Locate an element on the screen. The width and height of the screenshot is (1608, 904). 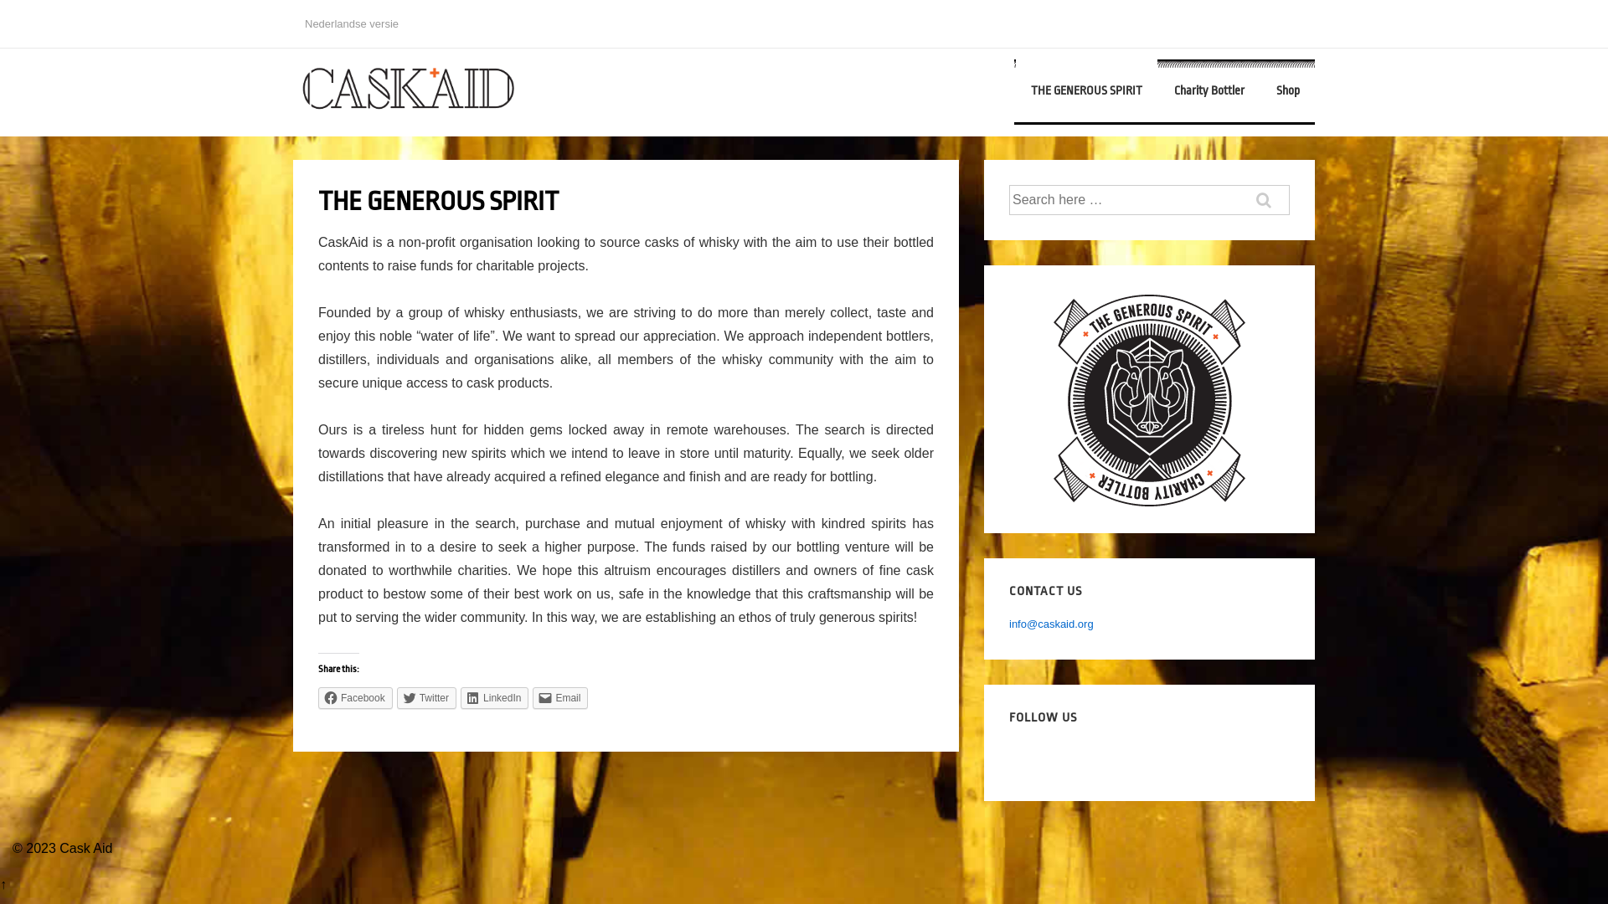
'Facebook' is located at coordinates (354, 697).